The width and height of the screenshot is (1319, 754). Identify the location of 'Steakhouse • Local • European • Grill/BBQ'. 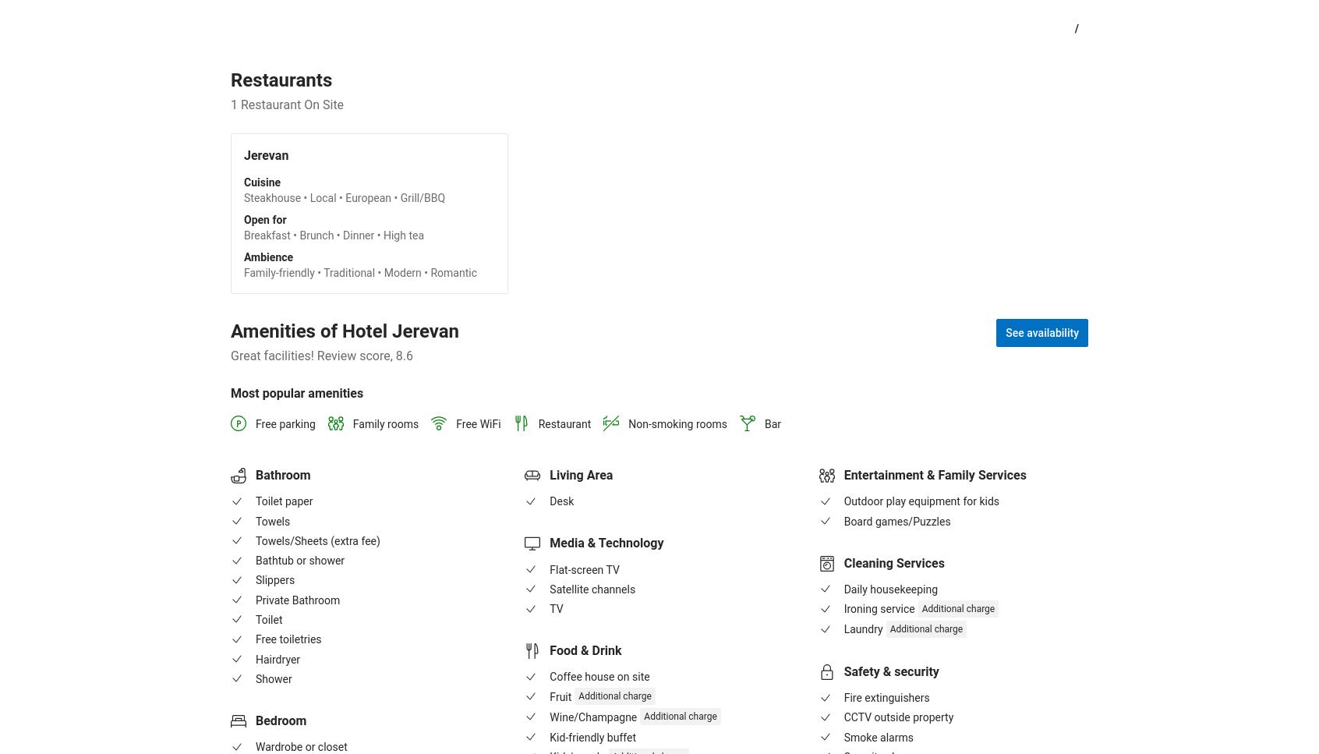
(343, 196).